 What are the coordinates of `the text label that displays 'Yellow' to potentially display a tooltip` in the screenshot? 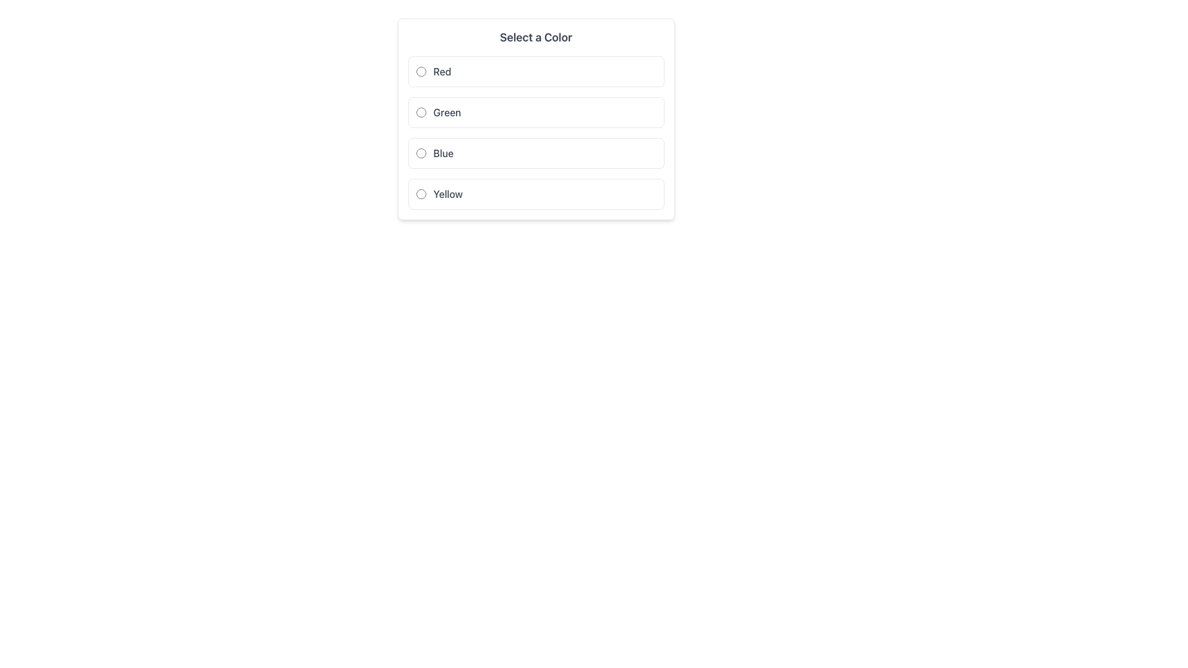 It's located at (447, 194).